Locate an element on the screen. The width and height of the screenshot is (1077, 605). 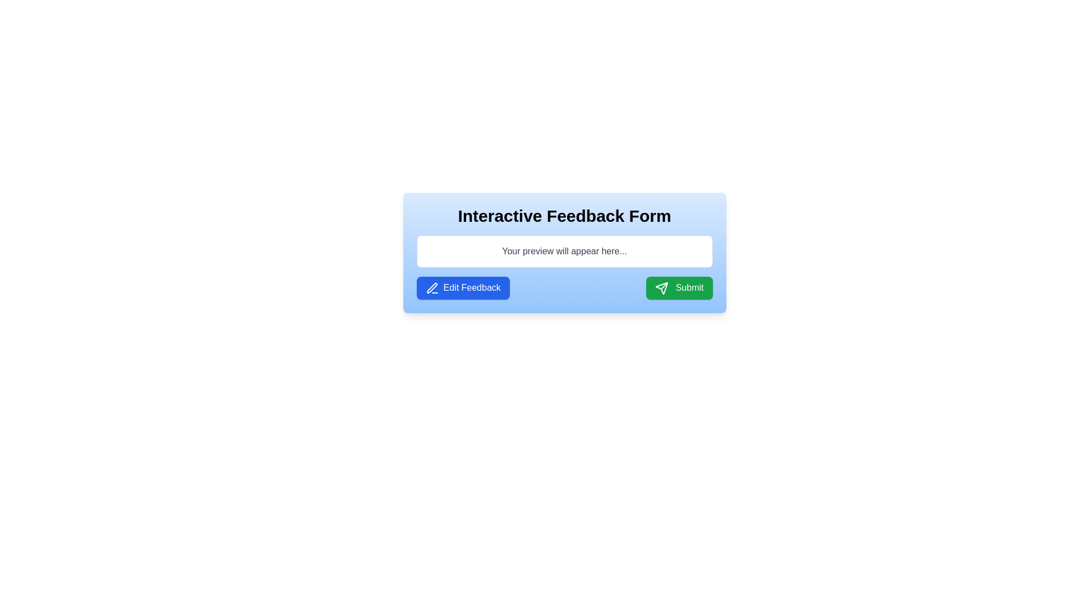
the heading 'Interactive Feedback Form' which is styled in a large, bold font and centered within a rounded rectangle panel with a gradient blue background is located at coordinates (564, 216).